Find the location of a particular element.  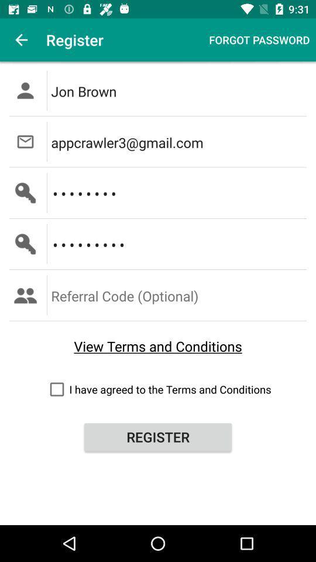

the icon next to the register item is located at coordinates (21, 40).